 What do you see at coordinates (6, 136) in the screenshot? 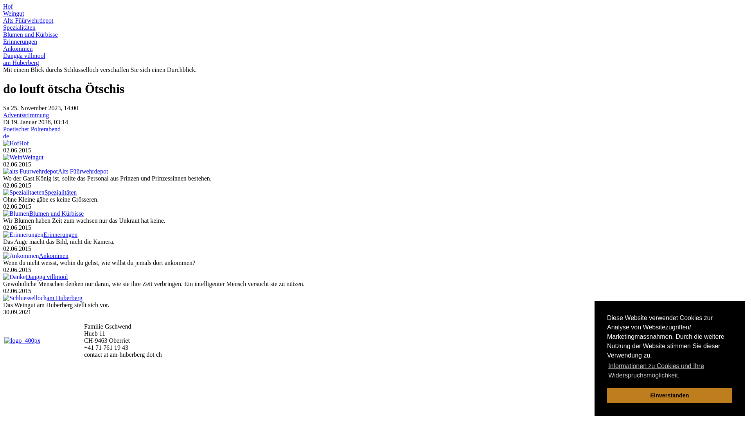
I see `'de'` at bounding box center [6, 136].